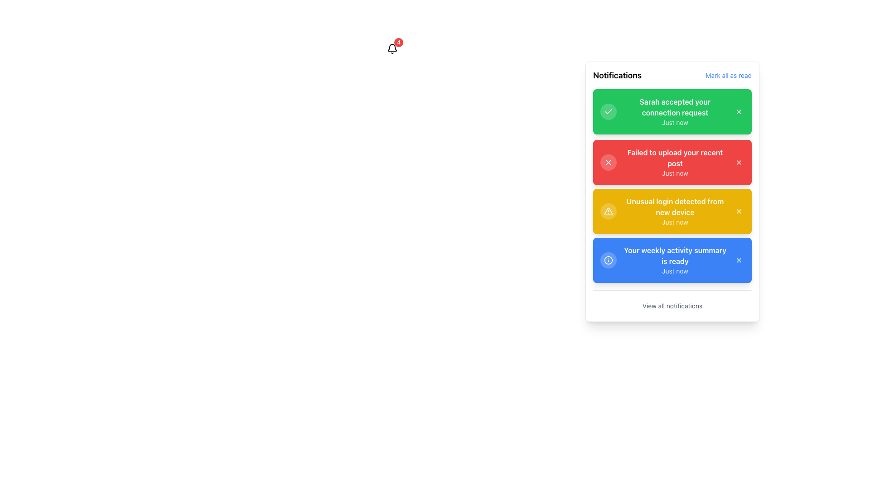 Image resolution: width=870 pixels, height=489 pixels. Describe the element at coordinates (675, 222) in the screenshot. I see `time indication displayed as 'Just now' in a small font on a yellow background, located underneath the main message 'Unusual login detected from new device'` at that location.